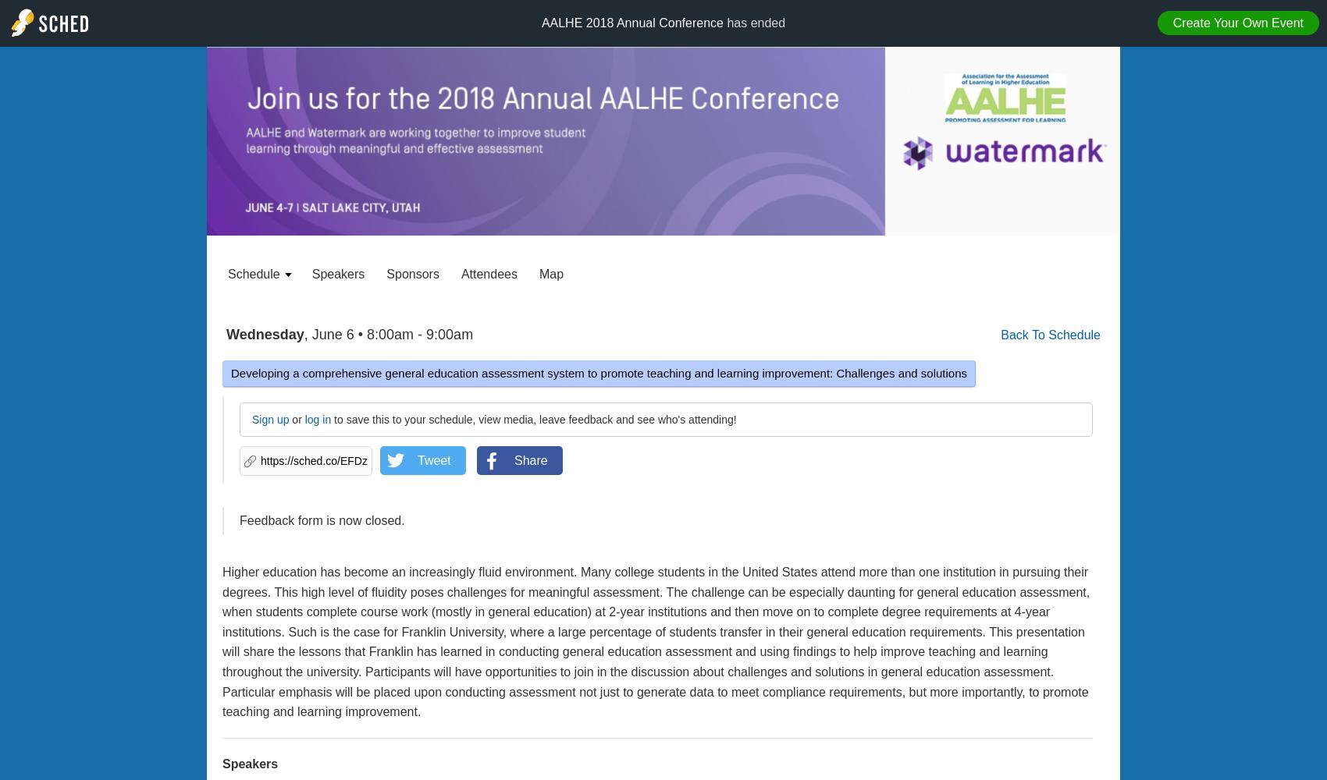 This screenshot has height=780, width=1327. Describe the element at coordinates (295, 420) in the screenshot. I see `'or'` at that location.